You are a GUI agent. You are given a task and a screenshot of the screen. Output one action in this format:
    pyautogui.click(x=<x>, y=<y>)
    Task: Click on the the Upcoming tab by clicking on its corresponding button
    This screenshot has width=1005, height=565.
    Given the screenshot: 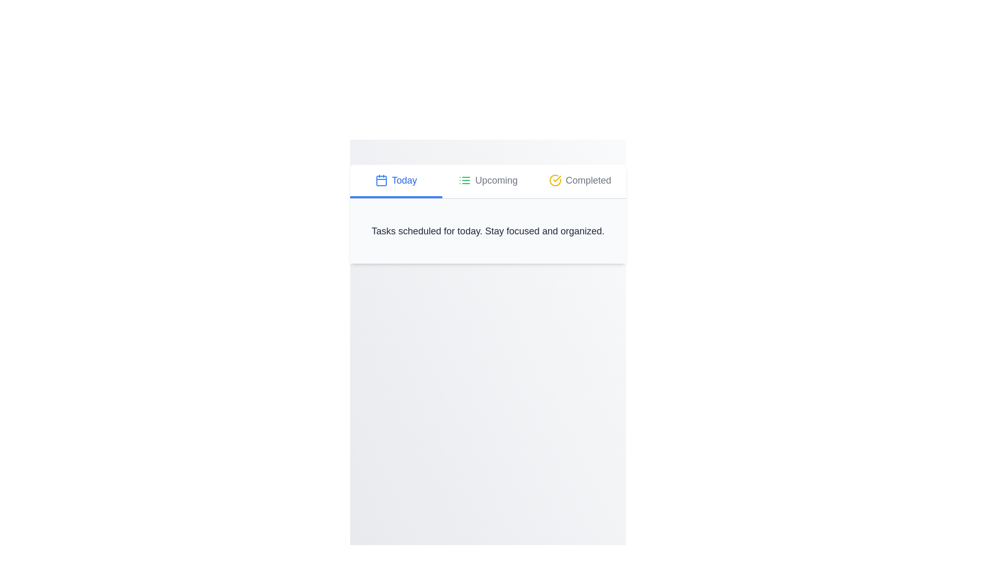 What is the action you would take?
    pyautogui.click(x=487, y=181)
    